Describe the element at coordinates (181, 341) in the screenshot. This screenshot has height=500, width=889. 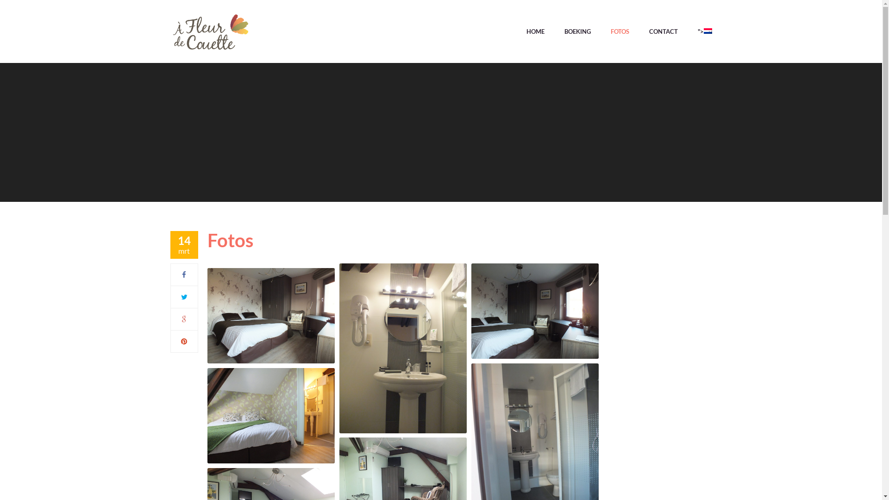
I see `'Pinterest'` at that location.